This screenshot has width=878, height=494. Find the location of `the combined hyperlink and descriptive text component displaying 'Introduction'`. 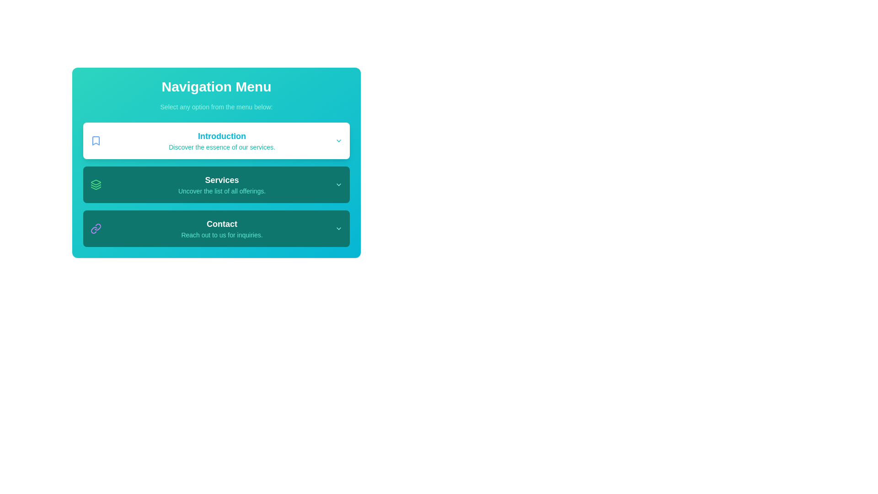

the combined hyperlink and descriptive text component displaying 'Introduction' is located at coordinates (222, 141).